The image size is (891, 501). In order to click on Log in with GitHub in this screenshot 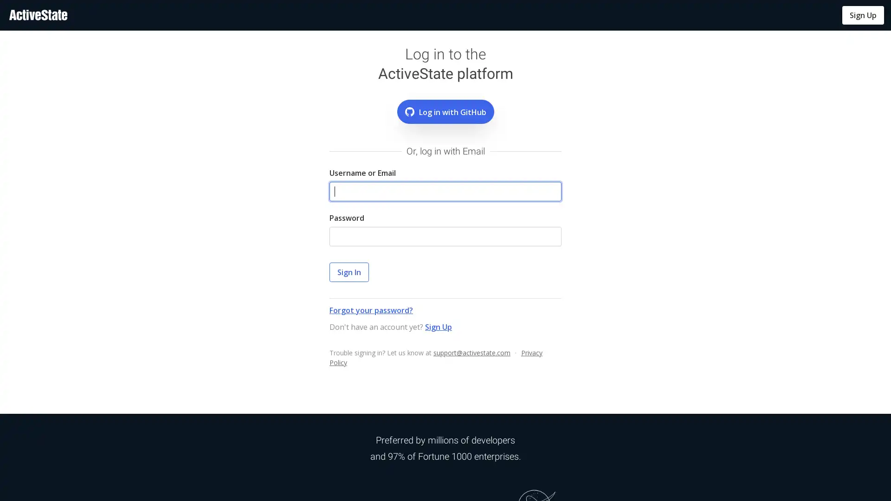, I will do `click(445, 111)`.